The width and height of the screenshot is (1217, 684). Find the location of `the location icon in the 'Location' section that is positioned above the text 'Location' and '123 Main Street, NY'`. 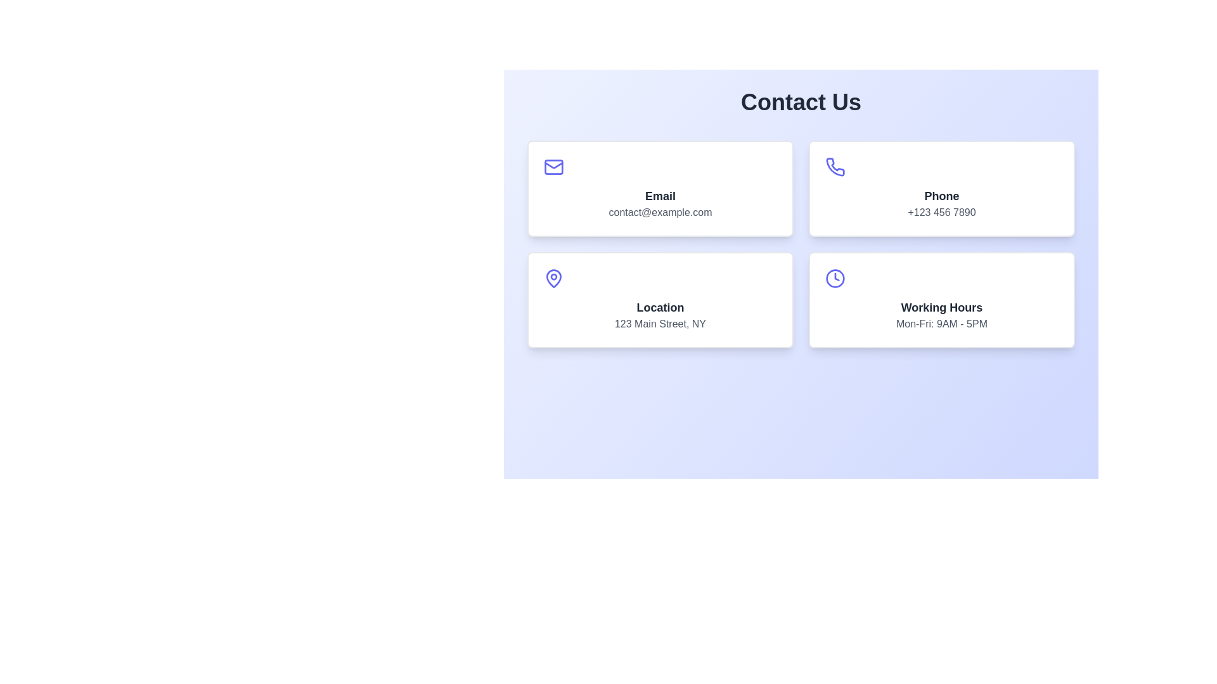

the location icon in the 'Location' section that is positioned above the text 'Location' and '123 Main Street, NY' is located at coordinates (553, 277).